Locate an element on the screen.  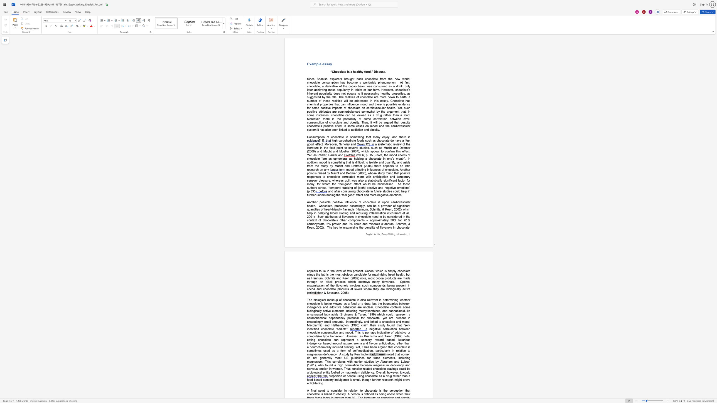
the space between the continuous character "a" and "n" in the text is located at coordinates (336, 292).